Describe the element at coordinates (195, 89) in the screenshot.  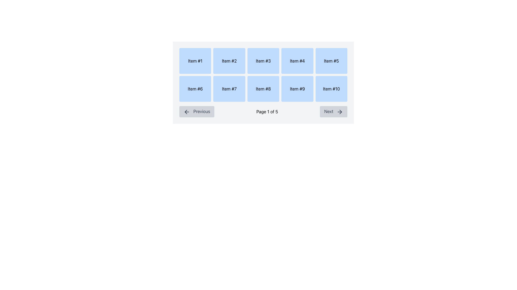
I see `the text label displaying 'Item #6' which is located in the second row, first button of a 2-by-5 grid layout` at that location.